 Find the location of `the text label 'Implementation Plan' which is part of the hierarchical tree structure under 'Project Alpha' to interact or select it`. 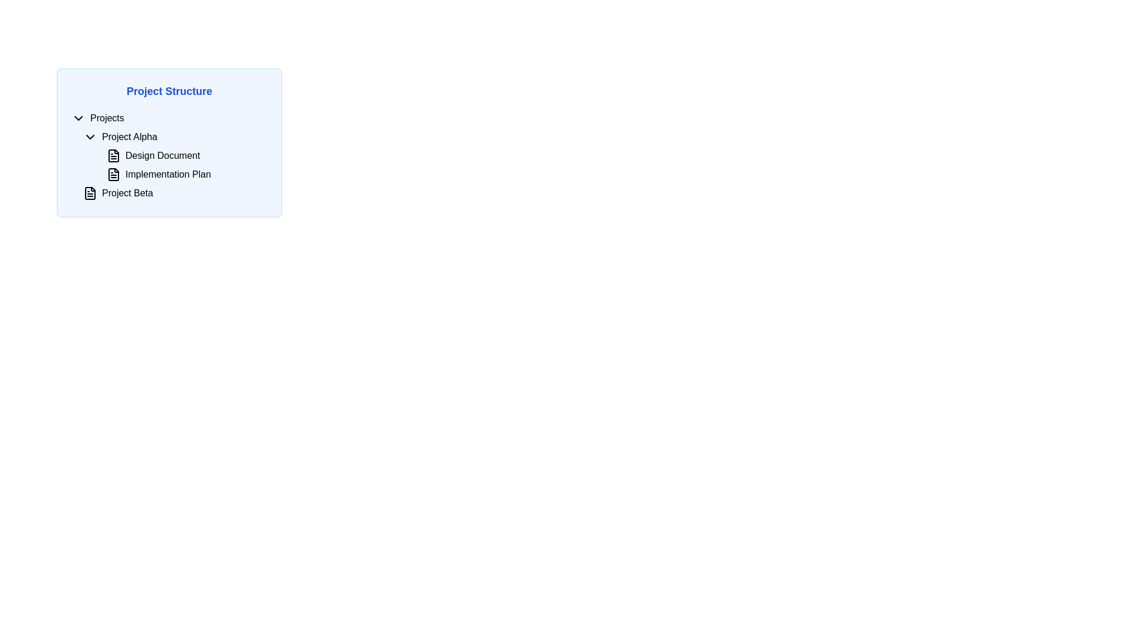

the text label 'Implementation Plan' which is part of the hierarchical tree structure under 'Project Alpha' to interact or select it is located at coordinates (167, 174).